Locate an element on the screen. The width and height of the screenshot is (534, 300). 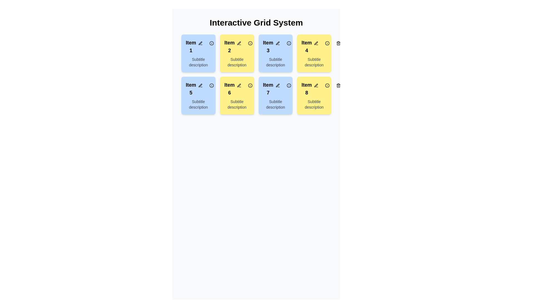
the circular button with a trash can icon located in the top-right corner of the card labeled 'Item 4' is located at coordinates (338, 43).